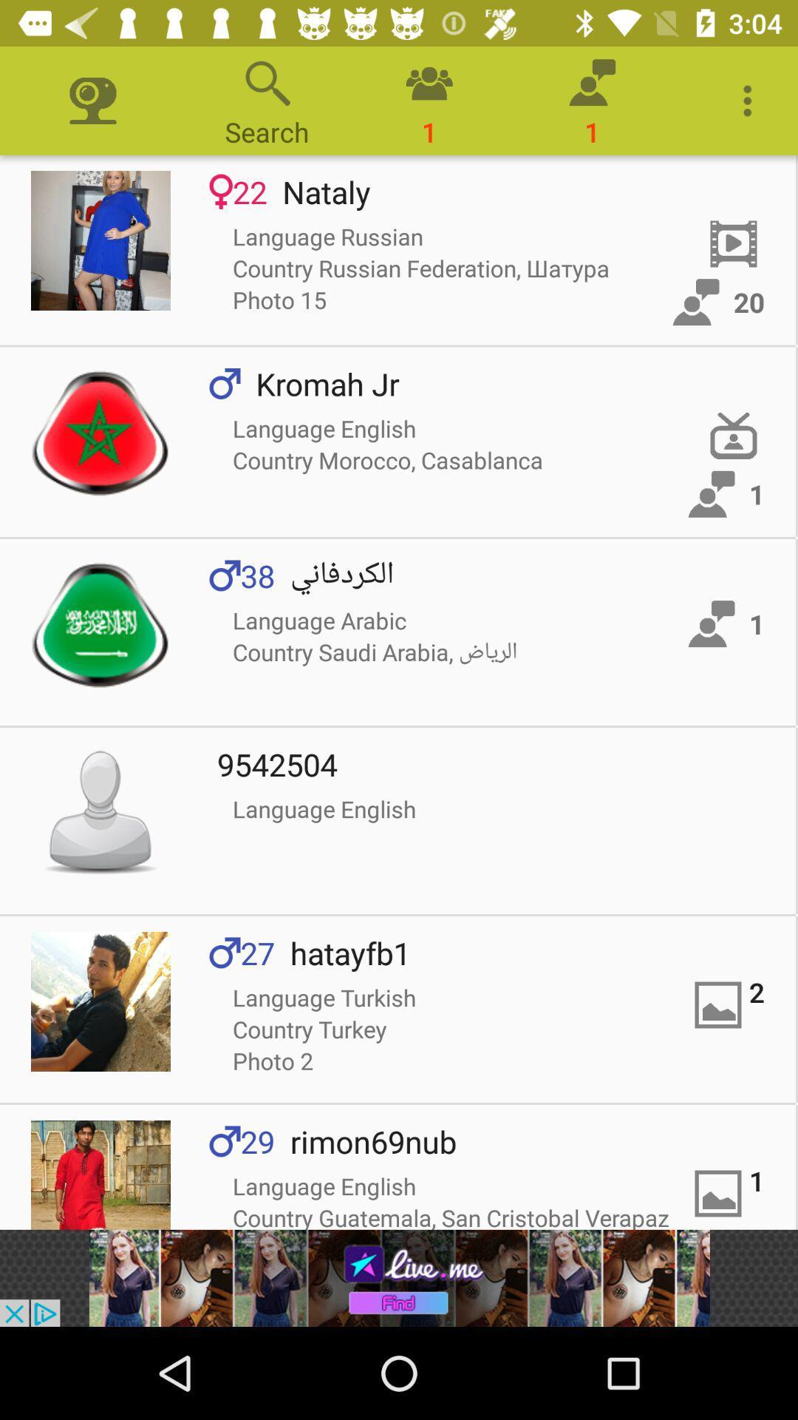 This screenshot has height=1420, width=798. What do you see at coordinates (100, 1001) in the screenshot?
I see `profile picture` at bounding box center [100, 1001].